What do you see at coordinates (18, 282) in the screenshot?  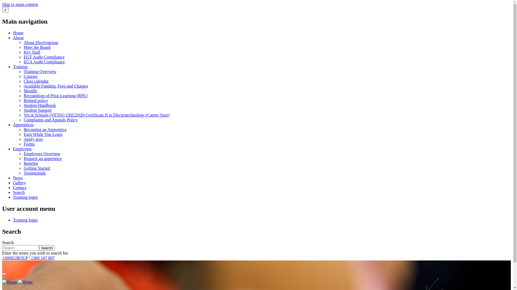 I see `'Home'` at bounding box center [18, 282].